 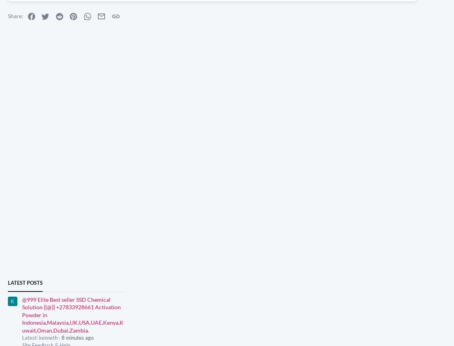 What do you see at coordinates (41, 7) in the screenshot?
I see `'2'` at bounding box center [41, 7].